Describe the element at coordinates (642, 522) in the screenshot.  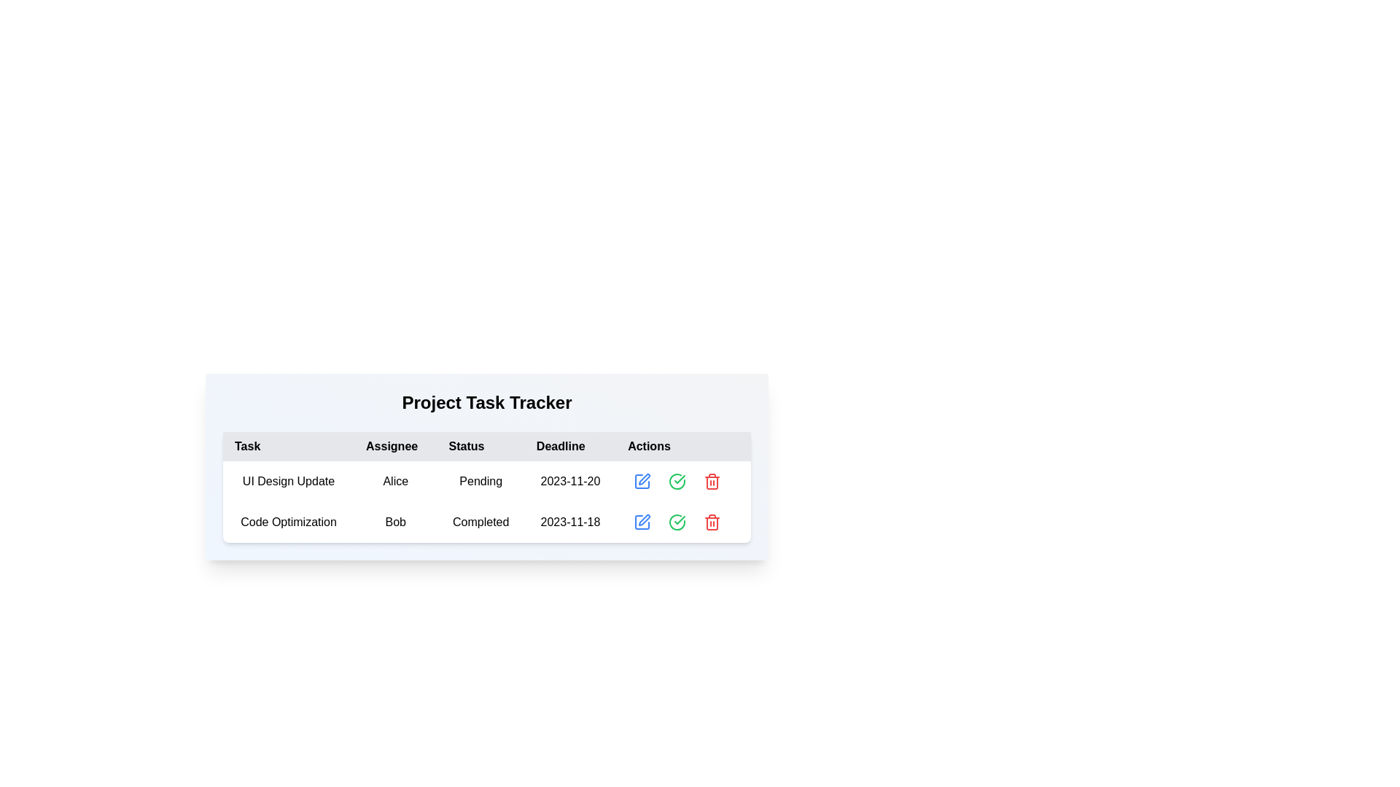
I see `the SVG icon depicting a square with a pen inside, located in the 'Actions' column of the 'Code Optimization' row in the task list` at that location.